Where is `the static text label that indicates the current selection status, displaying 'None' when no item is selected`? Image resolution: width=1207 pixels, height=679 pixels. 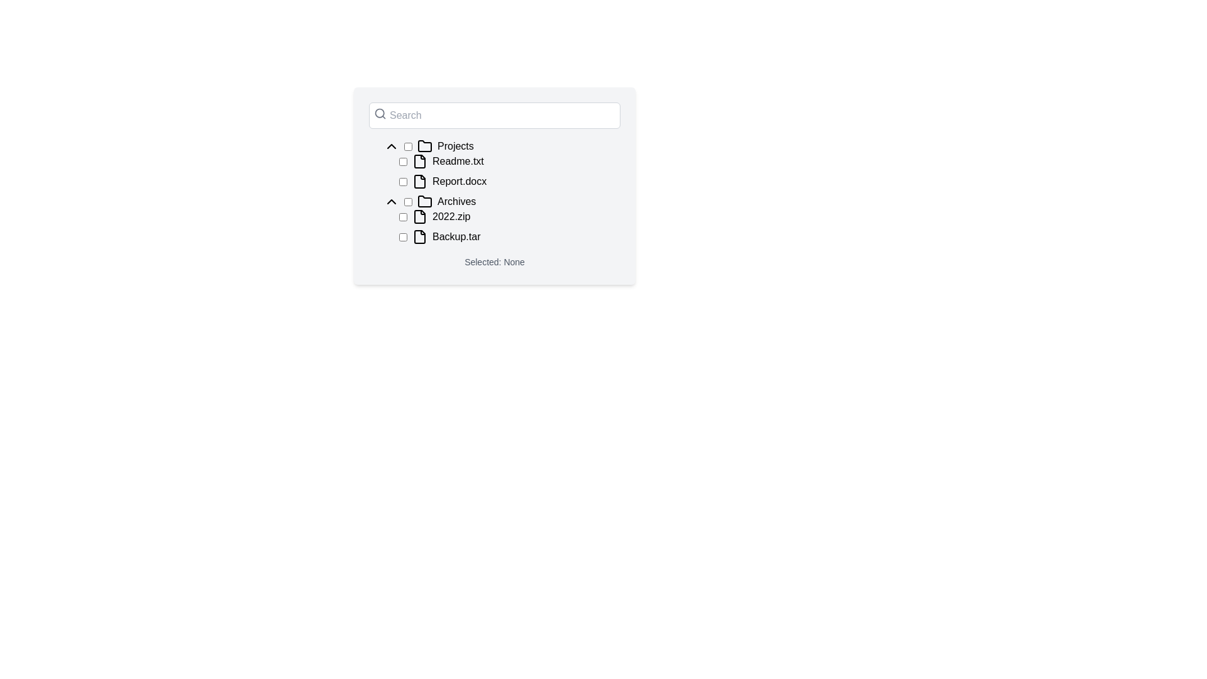 the static text label that indicates the current selection status, displaying 'None' when no item is selected is located at coordinates (494, 261).